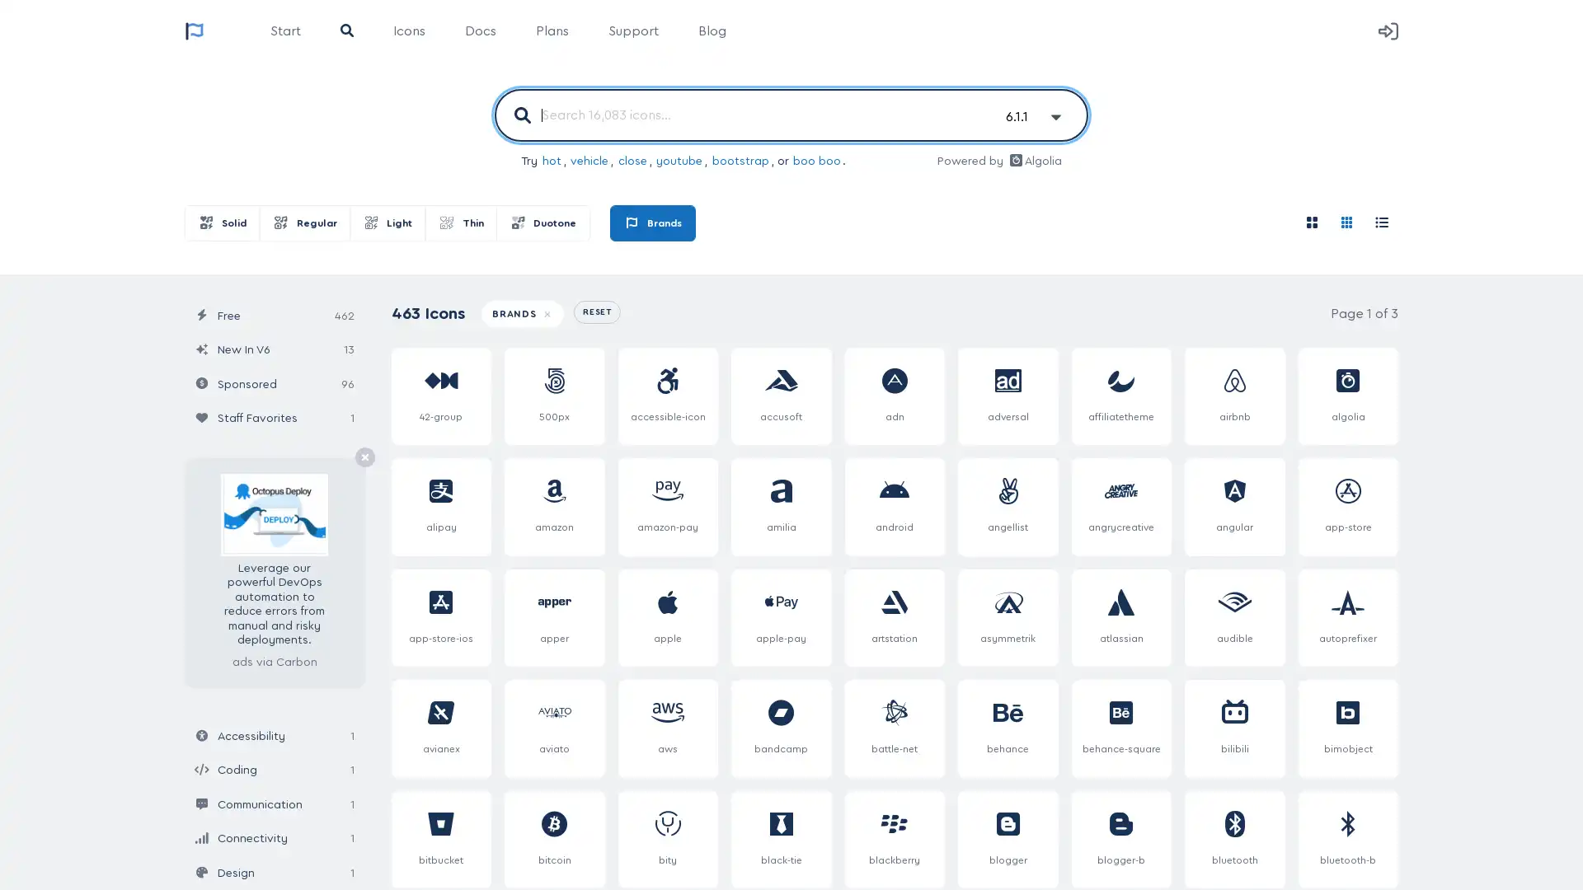  Describe the element at coordinates (554, 629) in the screenshot. I see `apper` at that location.